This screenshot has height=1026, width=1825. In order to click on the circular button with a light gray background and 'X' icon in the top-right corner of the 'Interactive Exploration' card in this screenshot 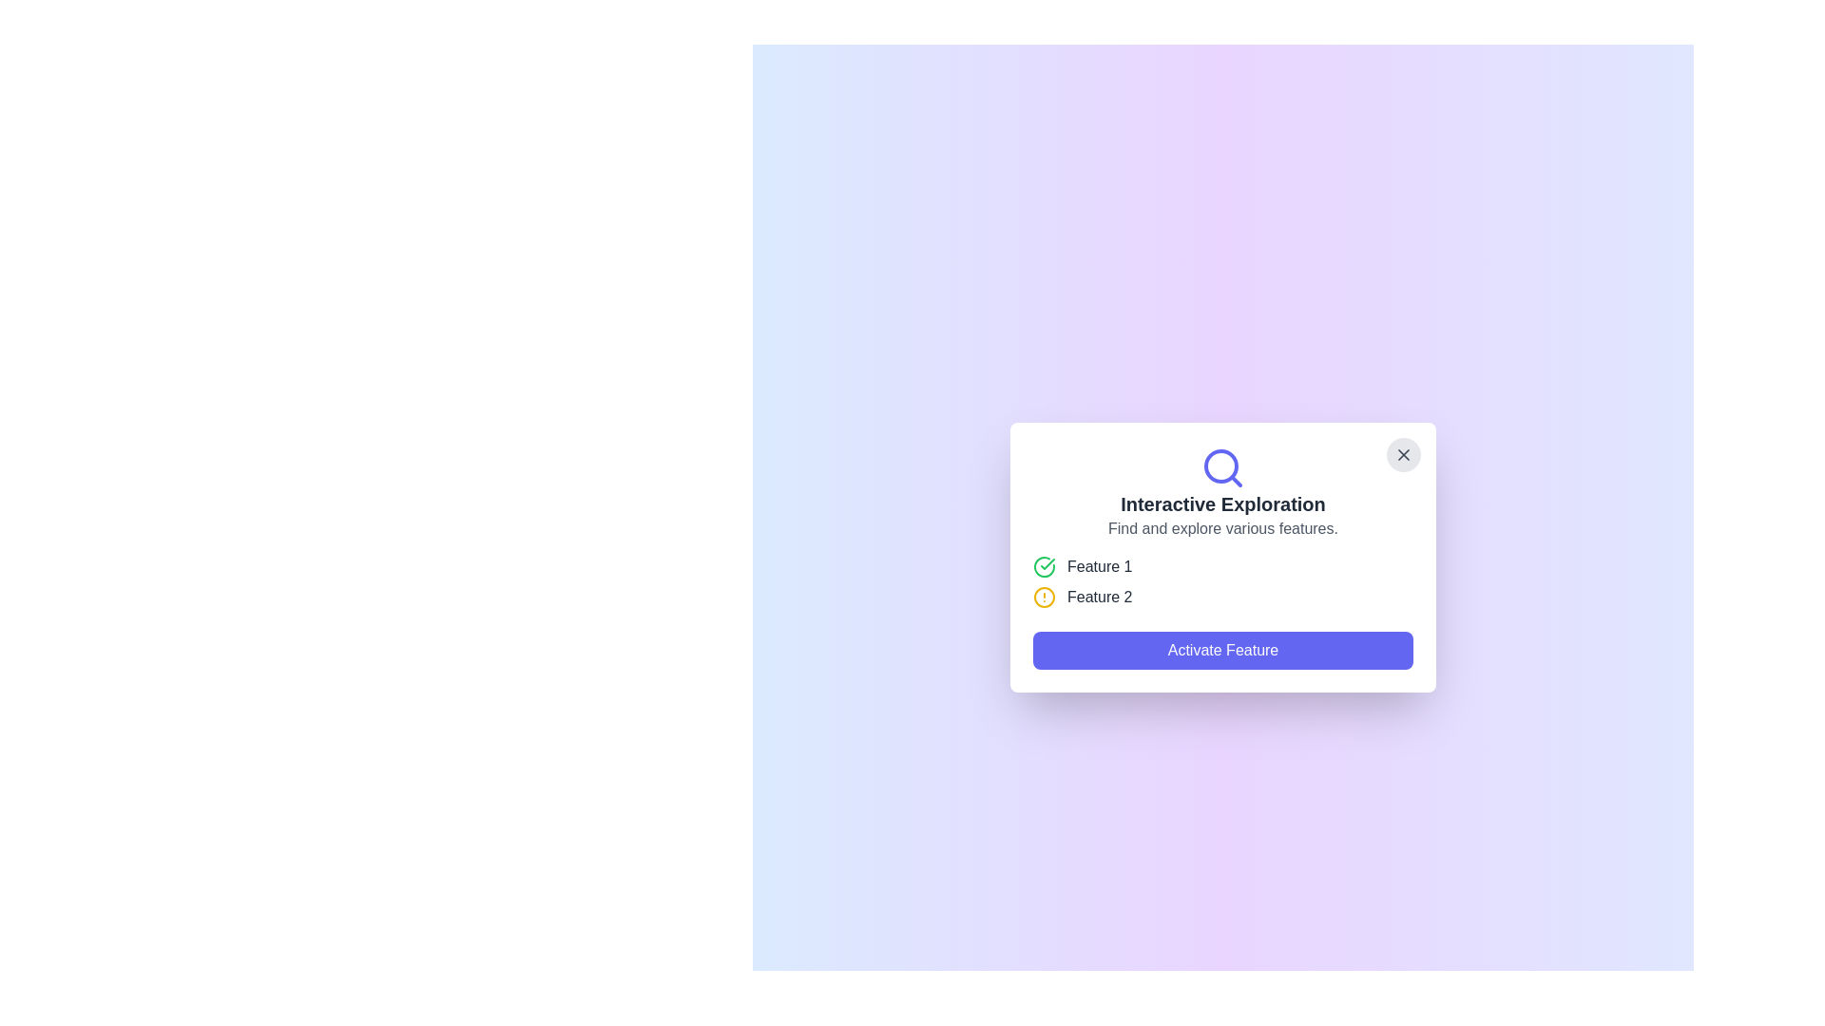, I will do `click(1404, 454)`.